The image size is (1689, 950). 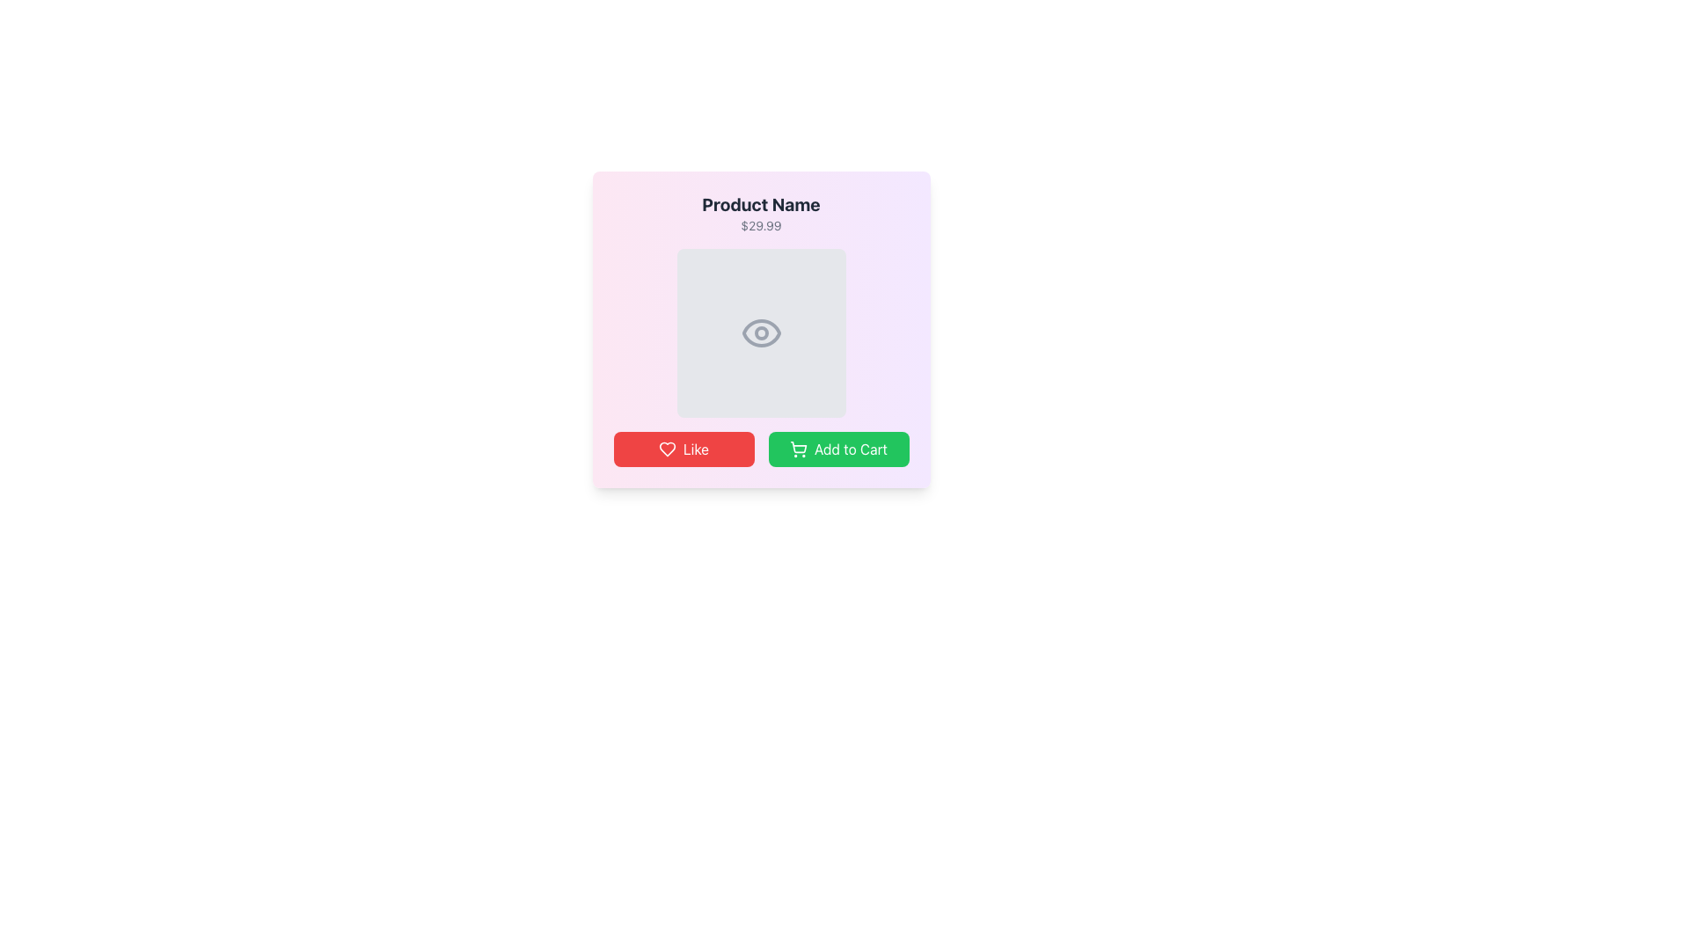 I want to click on the eye-shaped icon that represents visibility, so click(x=761, y=332).